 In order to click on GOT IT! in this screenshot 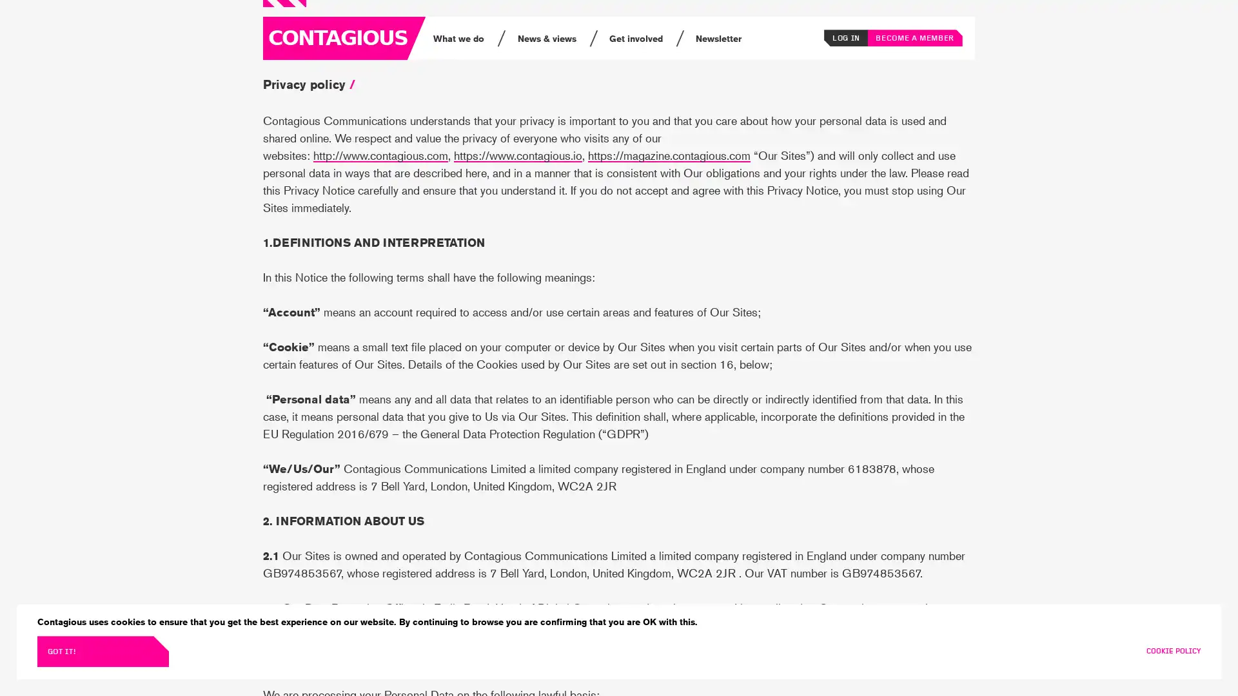, I will do `click(102, 651)`.